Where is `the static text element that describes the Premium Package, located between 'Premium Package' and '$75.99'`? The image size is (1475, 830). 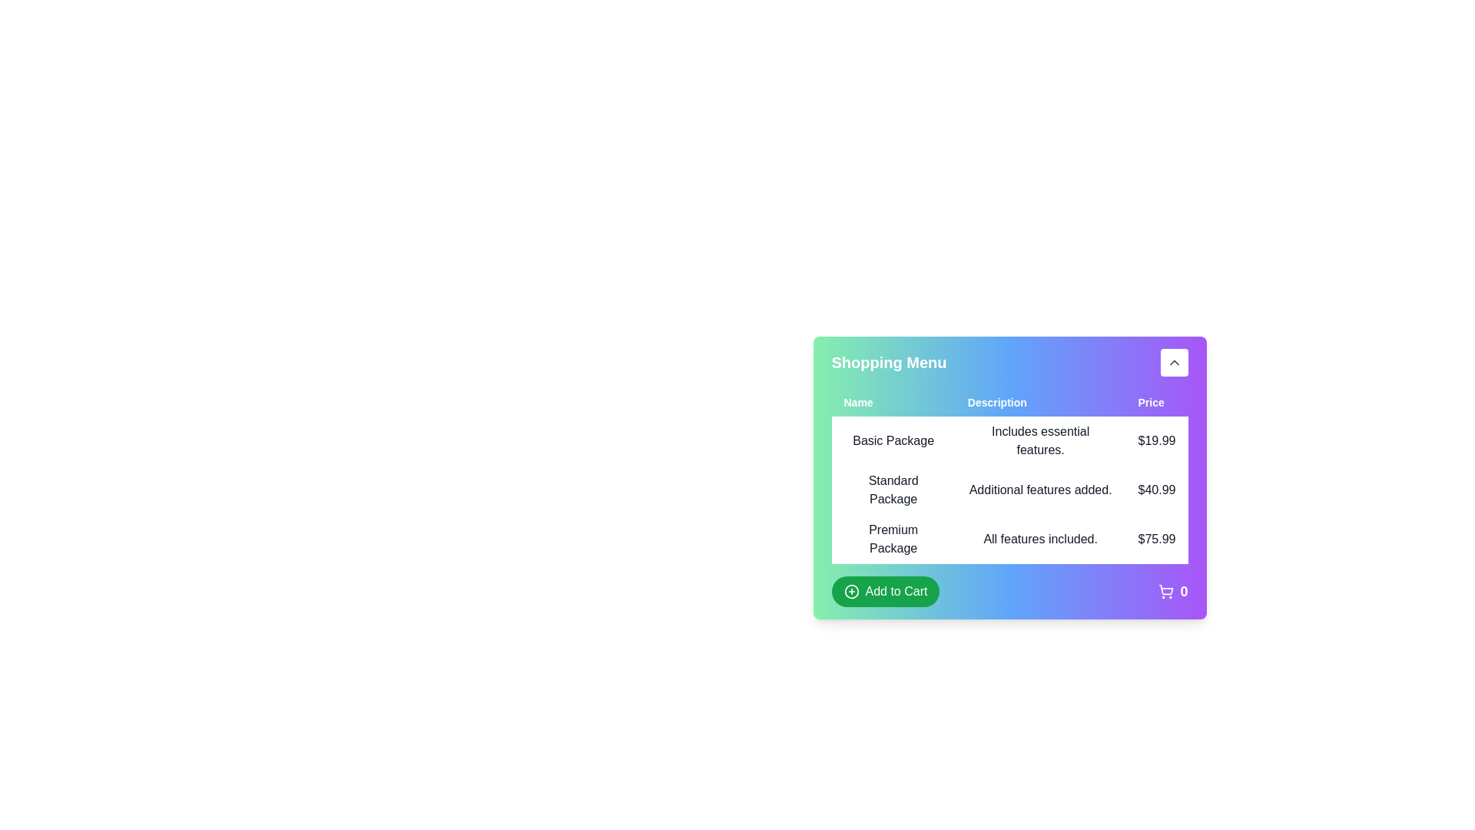
the static text element that describes the Premium Package, located between 'Premium Package' and '$75.99' is located at coordinates (1040, 539).